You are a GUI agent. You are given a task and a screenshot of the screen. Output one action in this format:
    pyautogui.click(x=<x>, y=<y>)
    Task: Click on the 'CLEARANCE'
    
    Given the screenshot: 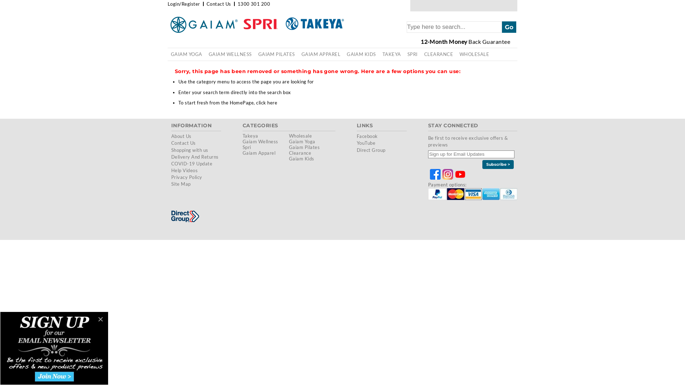 What is the action you would take?
    pyautogui.click(x=438, y=54)
    